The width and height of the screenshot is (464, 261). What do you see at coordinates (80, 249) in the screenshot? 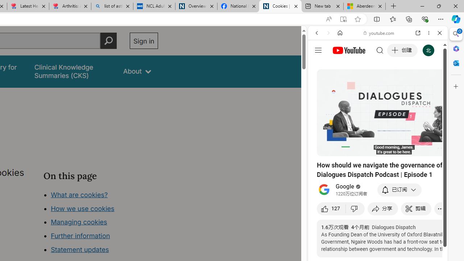
I see `'Statement updates'` at bounding box center [80, 249].